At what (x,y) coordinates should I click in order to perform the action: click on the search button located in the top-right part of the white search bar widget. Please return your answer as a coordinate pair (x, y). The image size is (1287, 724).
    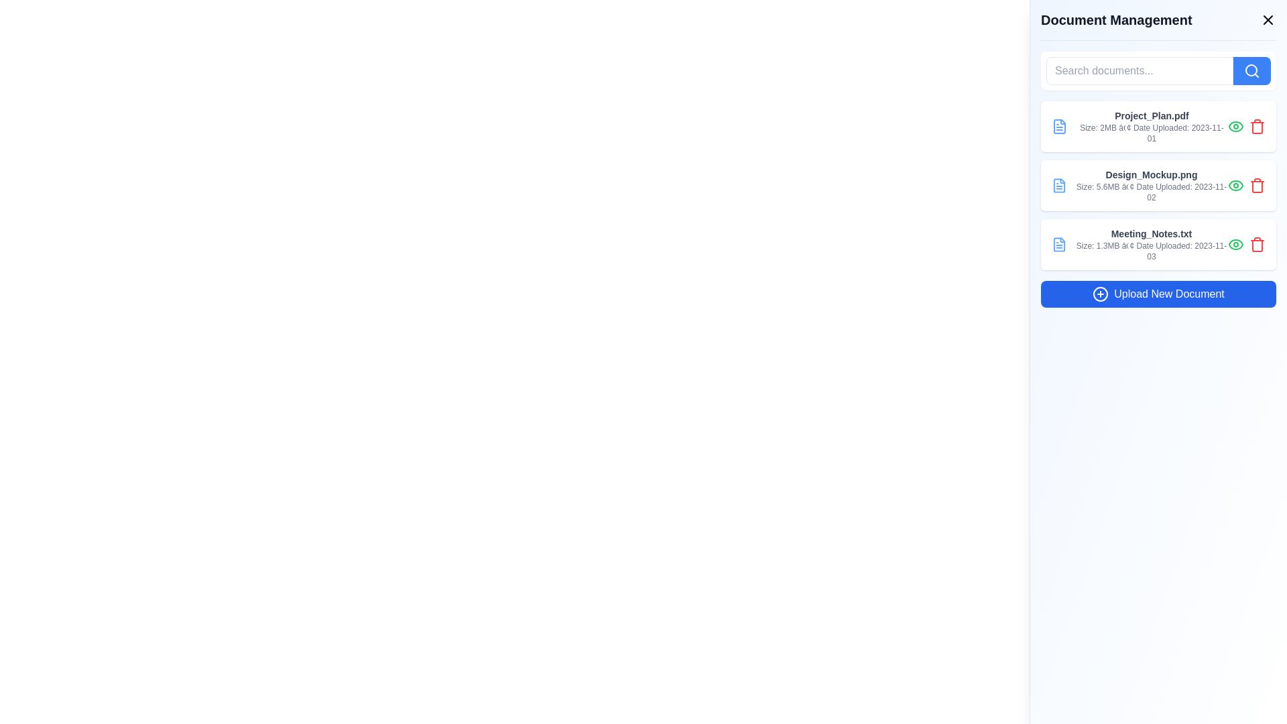
    Looking at the image, I should click on (1251, 70).